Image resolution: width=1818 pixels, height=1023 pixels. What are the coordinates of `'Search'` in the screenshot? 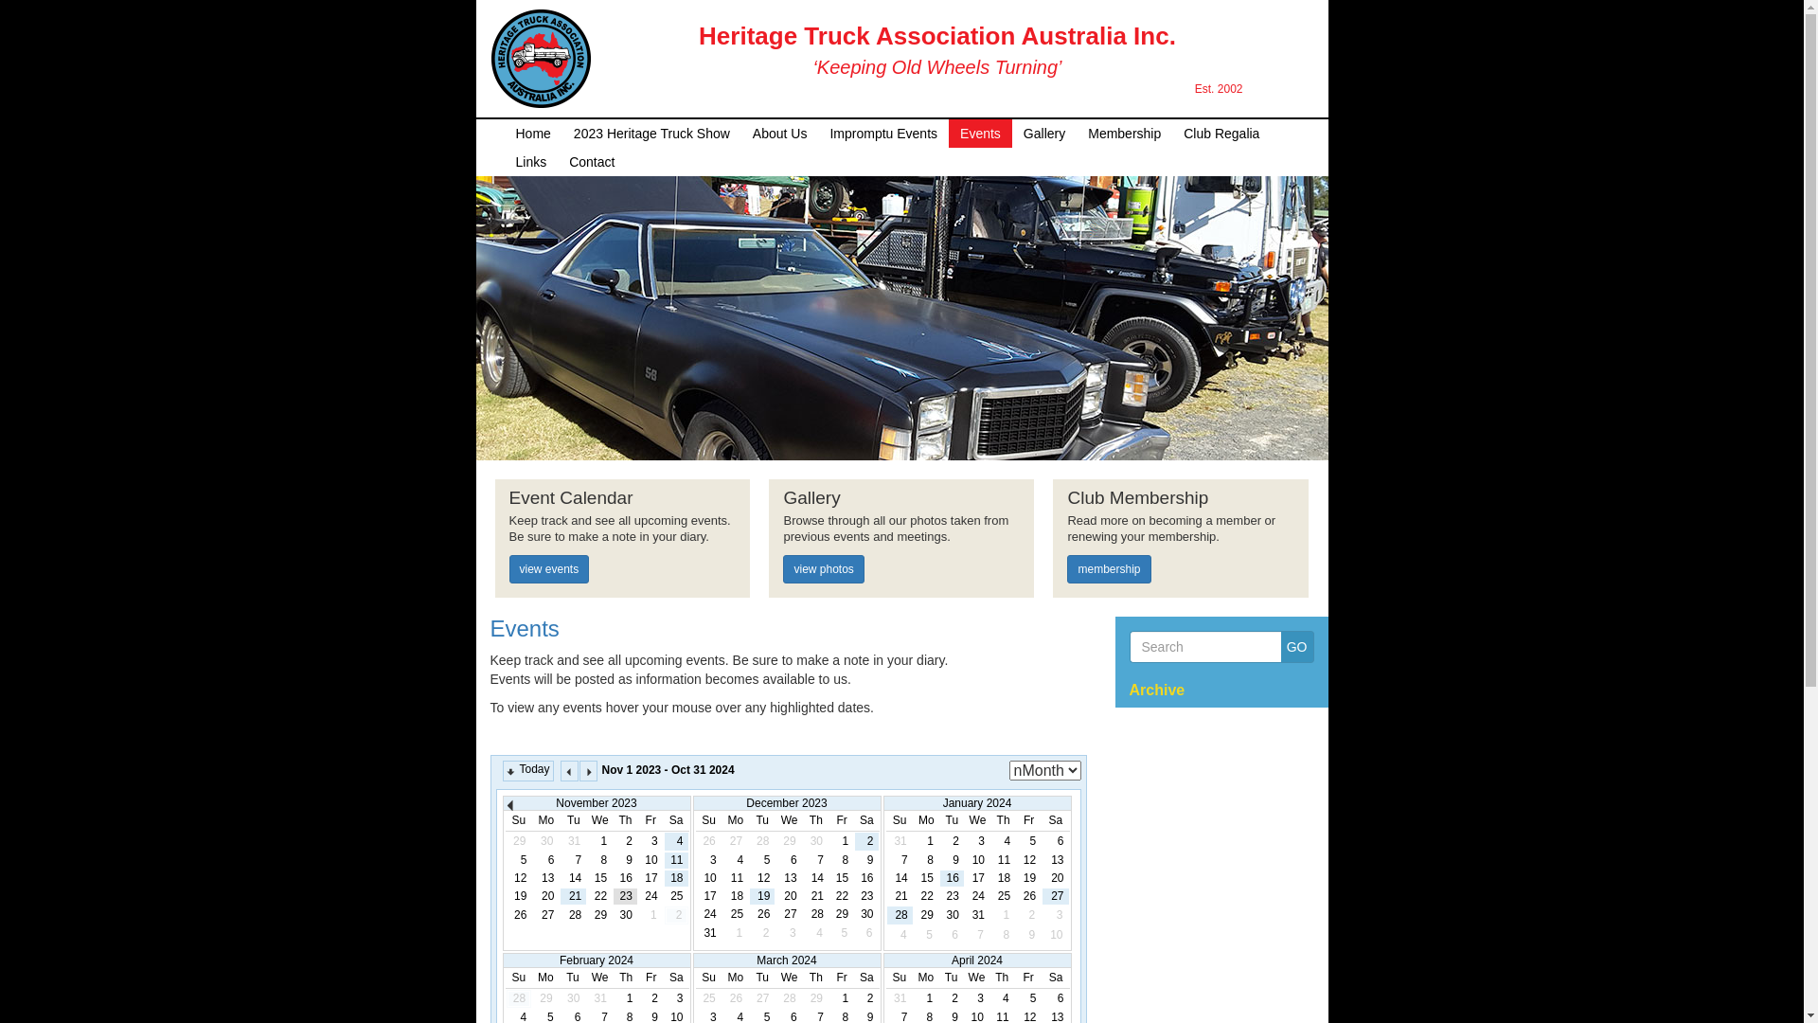 It's located at (1203, 645).